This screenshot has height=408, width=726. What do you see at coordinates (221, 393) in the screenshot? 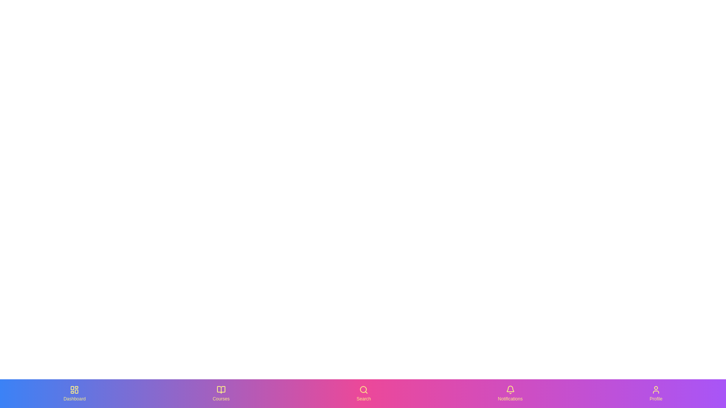
I see `the Courses tab in the bottom navigation bar` at bounding box center [221, 393].